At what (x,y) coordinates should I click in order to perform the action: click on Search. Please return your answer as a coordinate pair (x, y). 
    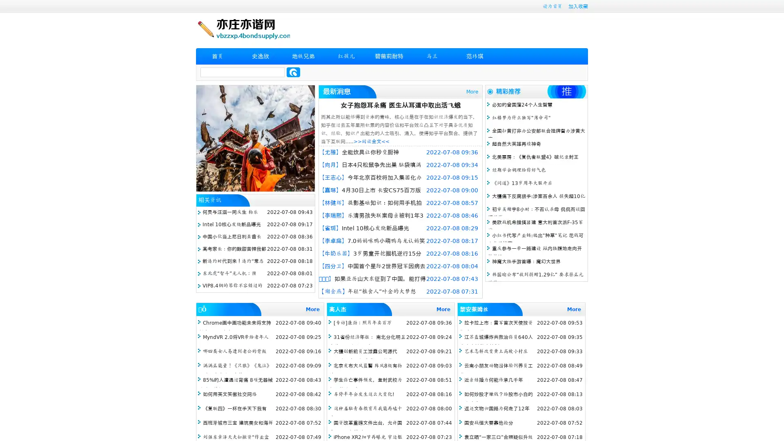
    Looking at the image, I should click on (293, 72).